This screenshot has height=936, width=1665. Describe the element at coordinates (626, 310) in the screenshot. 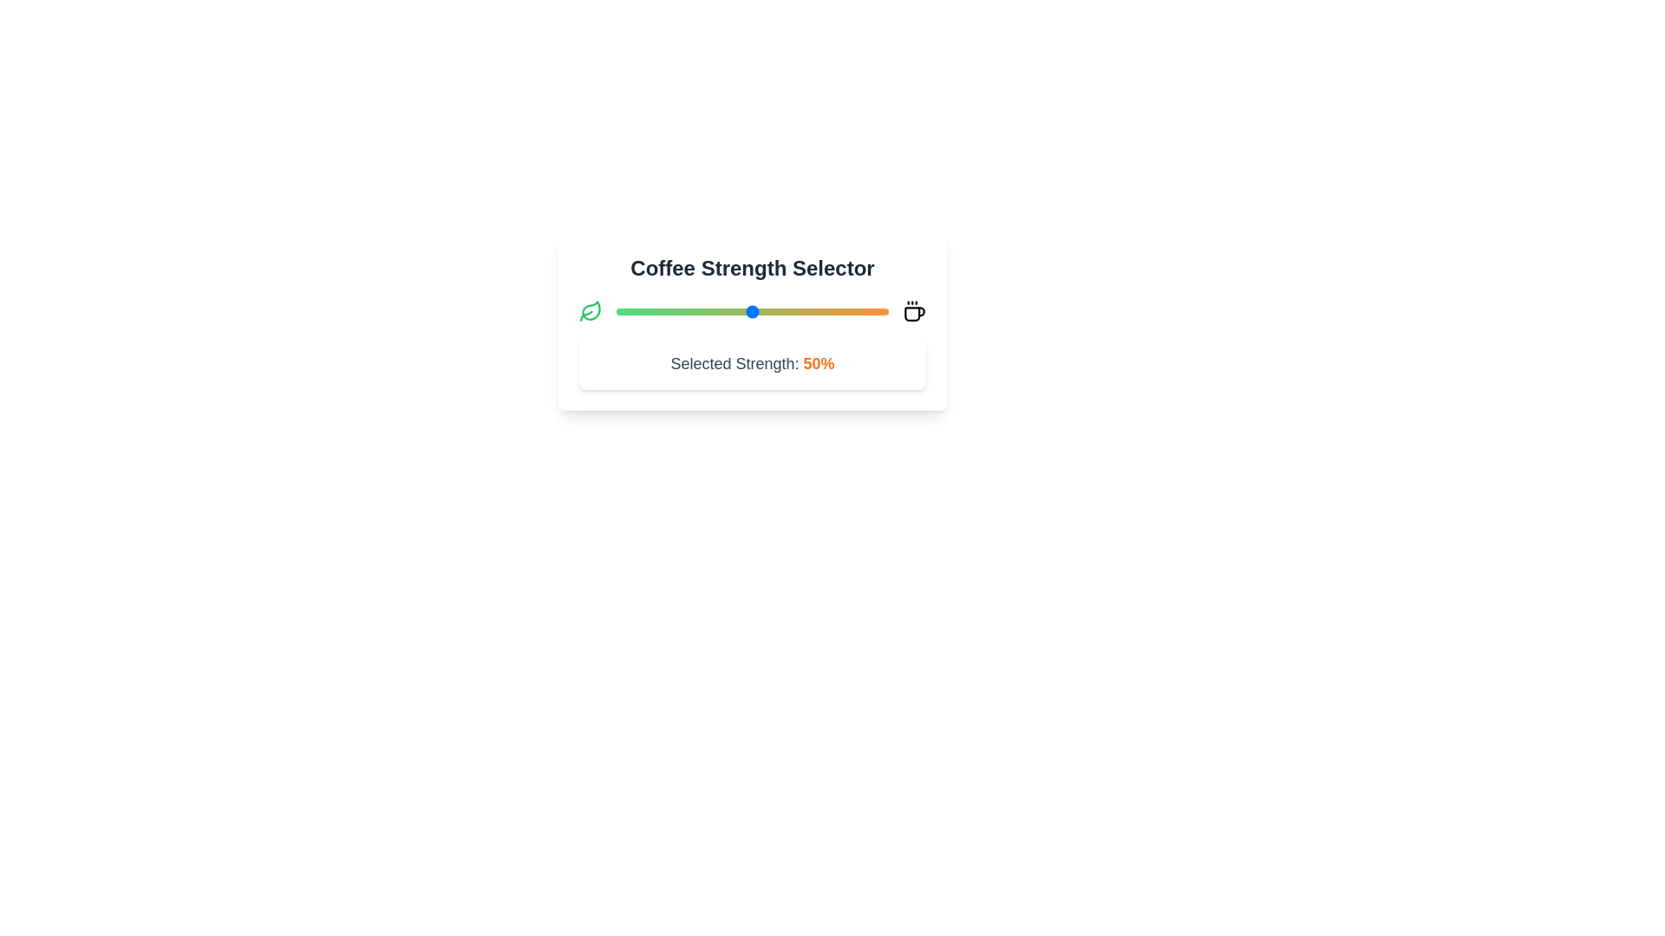

I see `the coffee strength slider to 4%` at that location.